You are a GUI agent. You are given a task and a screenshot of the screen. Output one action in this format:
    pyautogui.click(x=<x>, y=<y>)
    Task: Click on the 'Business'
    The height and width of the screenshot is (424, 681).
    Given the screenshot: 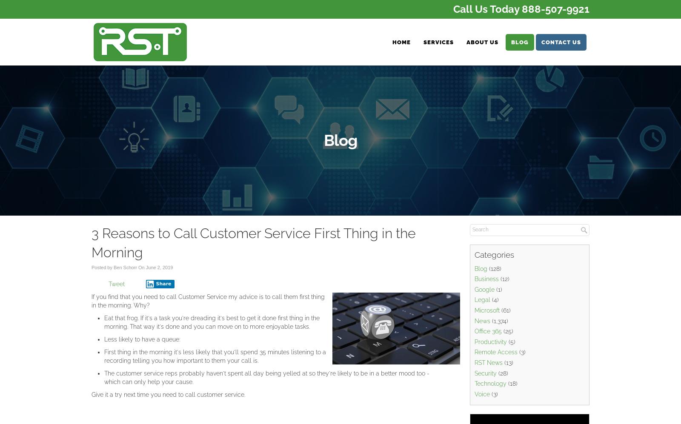 What is the action you would take?
    pyautogui.click(x=486, y=279)
    